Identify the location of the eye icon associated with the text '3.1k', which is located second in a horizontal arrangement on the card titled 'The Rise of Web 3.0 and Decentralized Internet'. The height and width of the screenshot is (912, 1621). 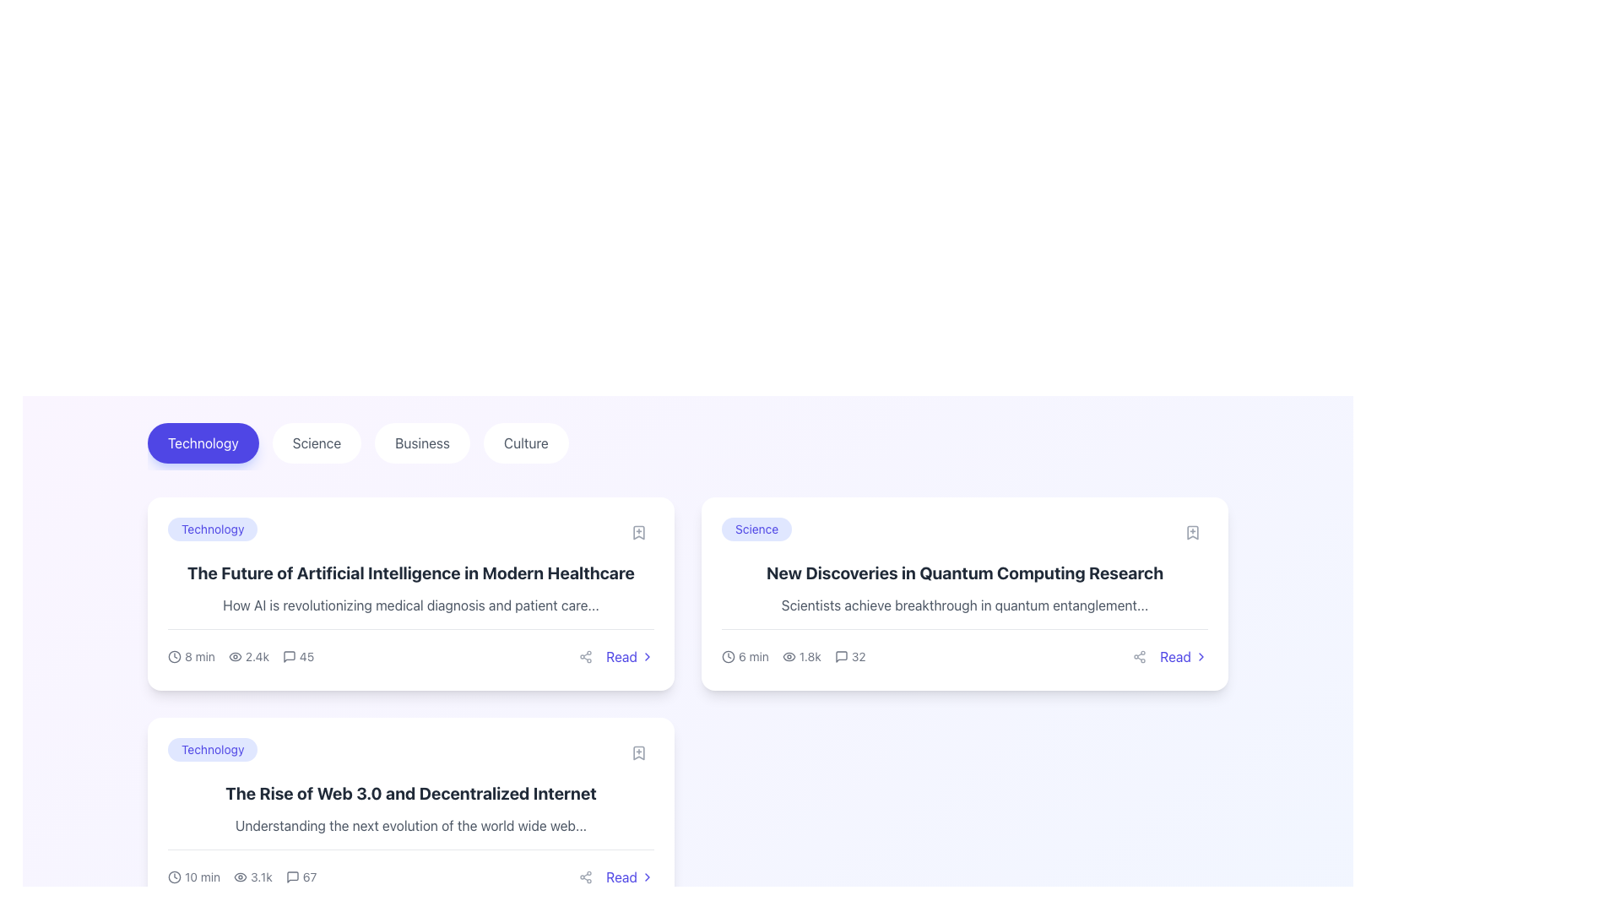
(252, 876).